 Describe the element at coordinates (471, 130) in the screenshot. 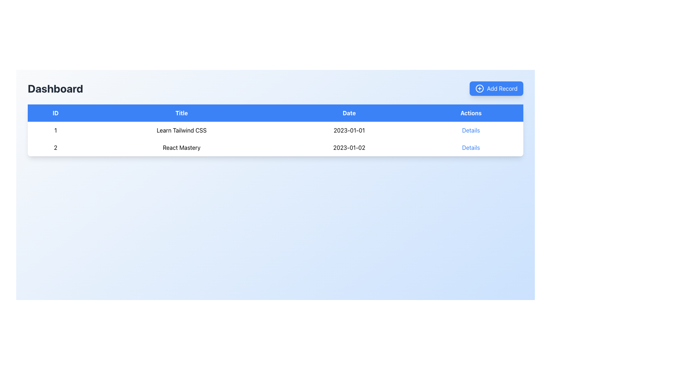

I see `the second 'Details' link in the 'Actions' column of the data table` at that location.